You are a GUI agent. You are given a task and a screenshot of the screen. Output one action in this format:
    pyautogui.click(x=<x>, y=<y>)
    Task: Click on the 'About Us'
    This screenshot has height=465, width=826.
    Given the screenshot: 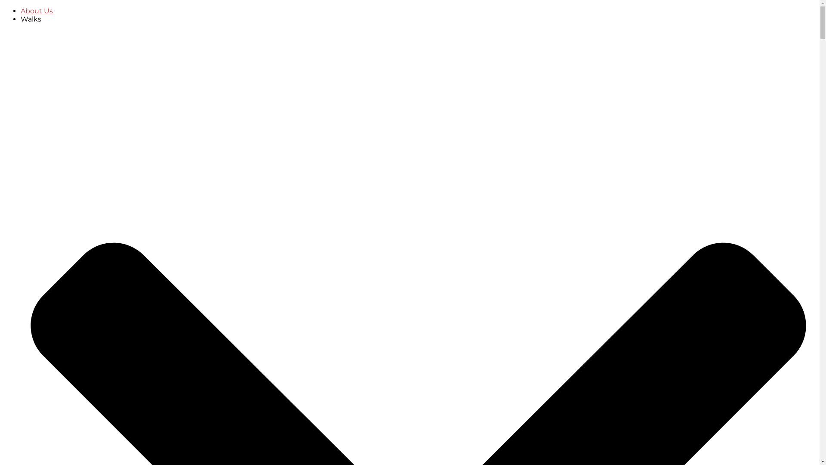 What is the action you would take?
    pyautogui.click(x=36, y=11)
    